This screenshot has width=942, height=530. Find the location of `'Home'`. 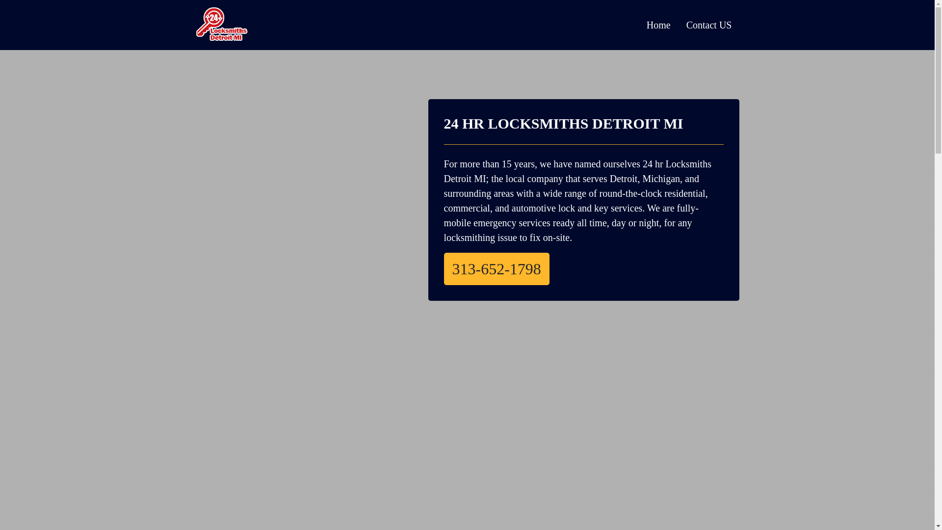

'Home' is located at coordinates (638, 24).